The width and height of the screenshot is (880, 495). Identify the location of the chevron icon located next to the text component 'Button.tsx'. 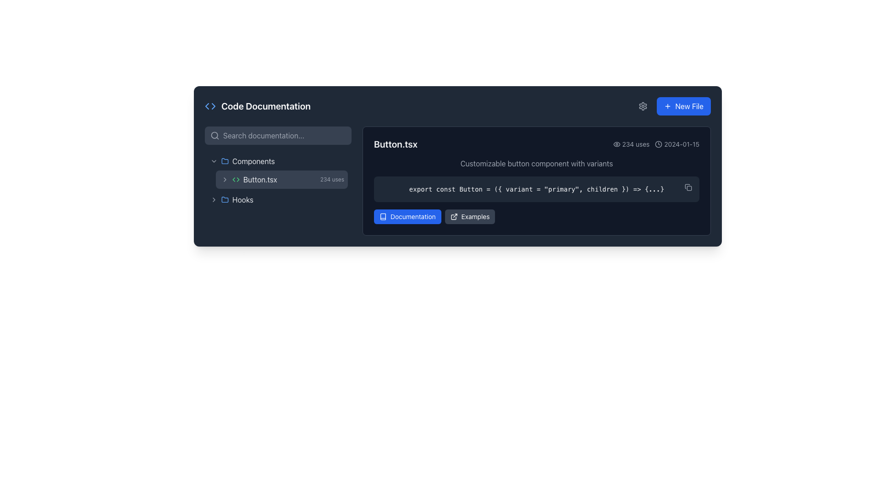
(225, 180).